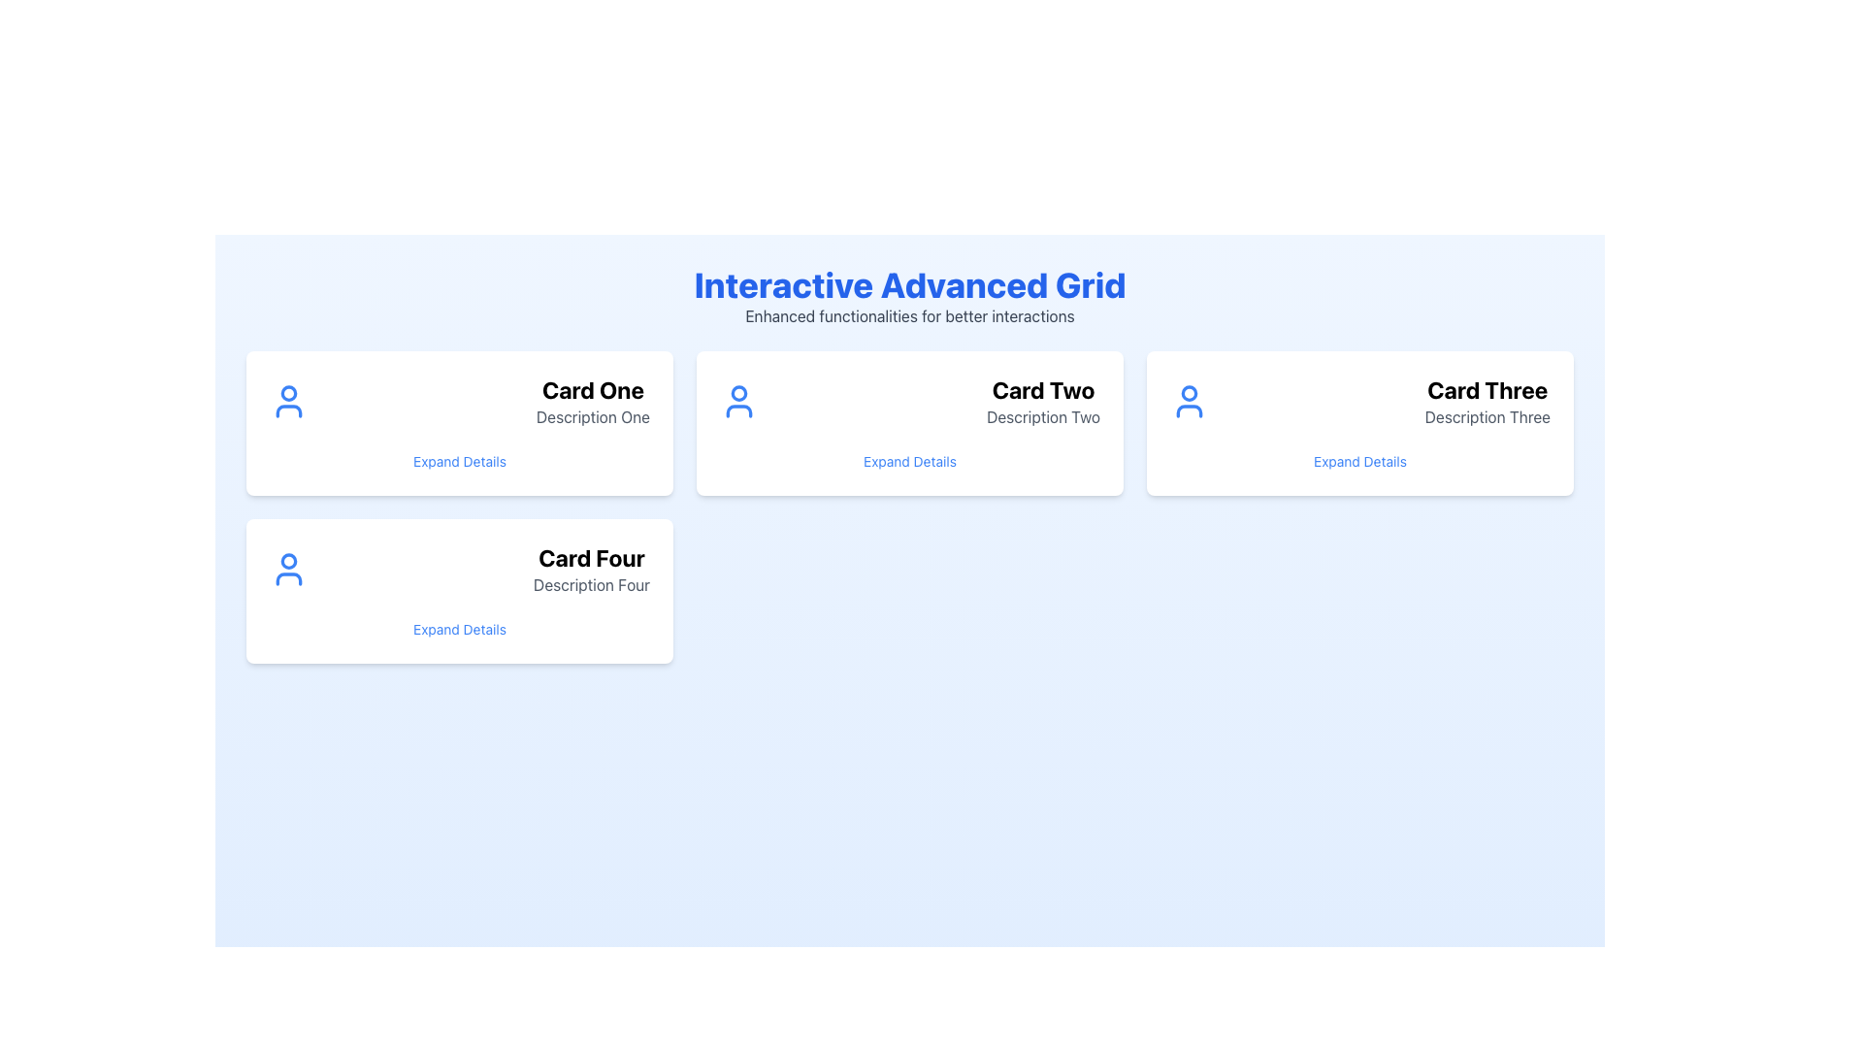 This screenshot has height=1048, width=1863. I want to click on text block titled 'Card One' with subtitle 'Description One' located in the top-left card of the grid layout, so click(592, 400).